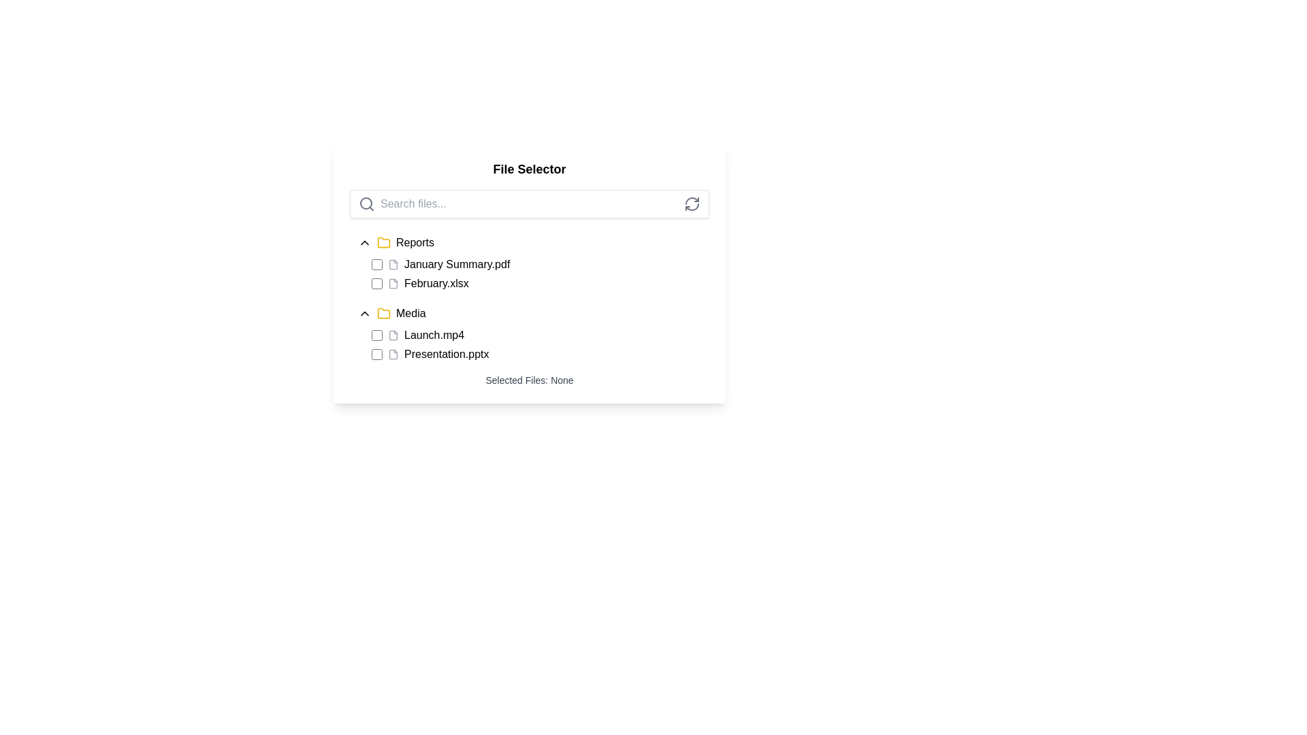 The height and width of the screenshot is (735, 1307). Describe the element at coordinates (392, 336) in the screenshot. I see `the icon representing the file type or status located to the left of the text label 'Launch.mp4' in the 'Media' section of the file list` at that location.